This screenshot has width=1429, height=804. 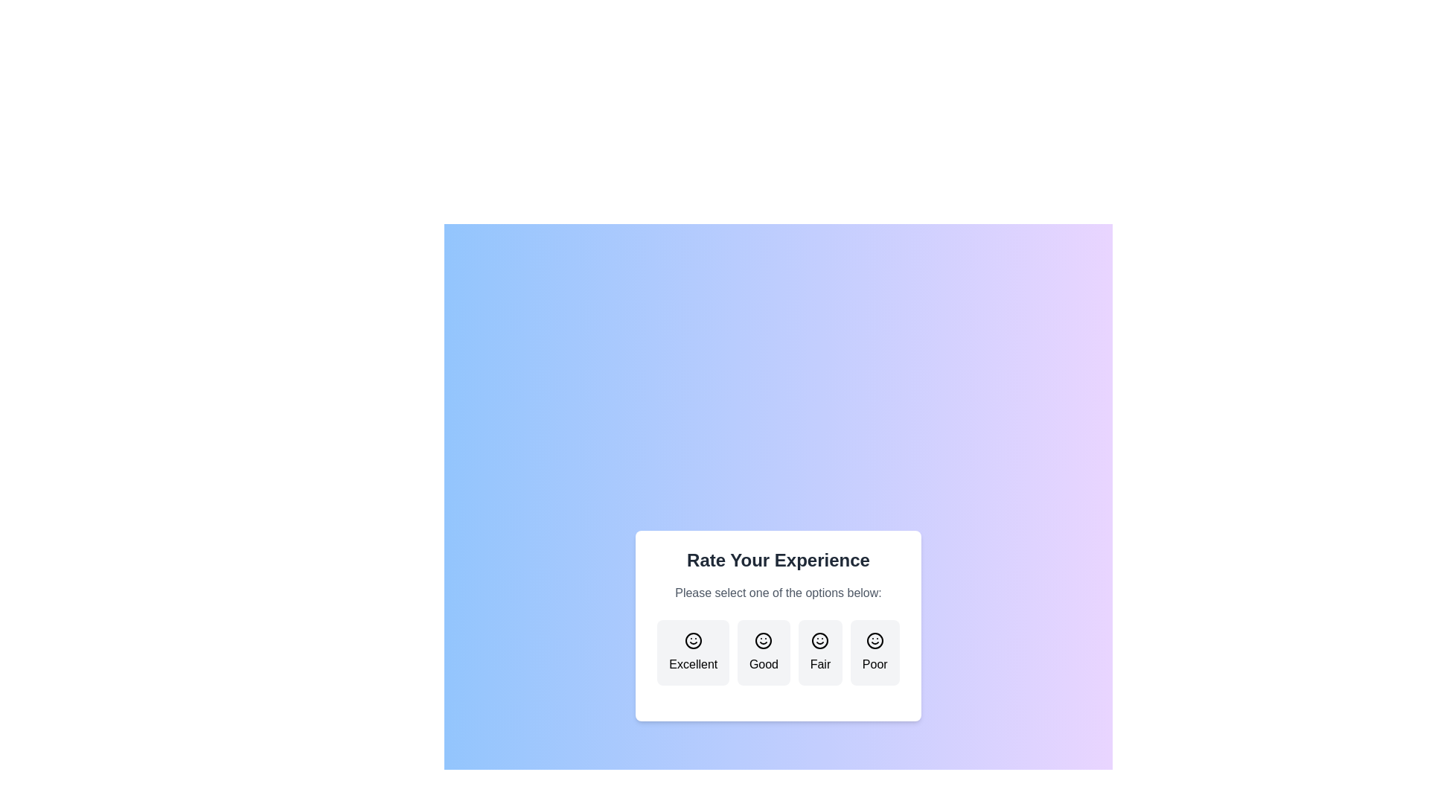 What do you see at coordinates (875, 651) in the screenshot?
I see `the fourth button in the feedback interface` at bounding box center [875, 651].